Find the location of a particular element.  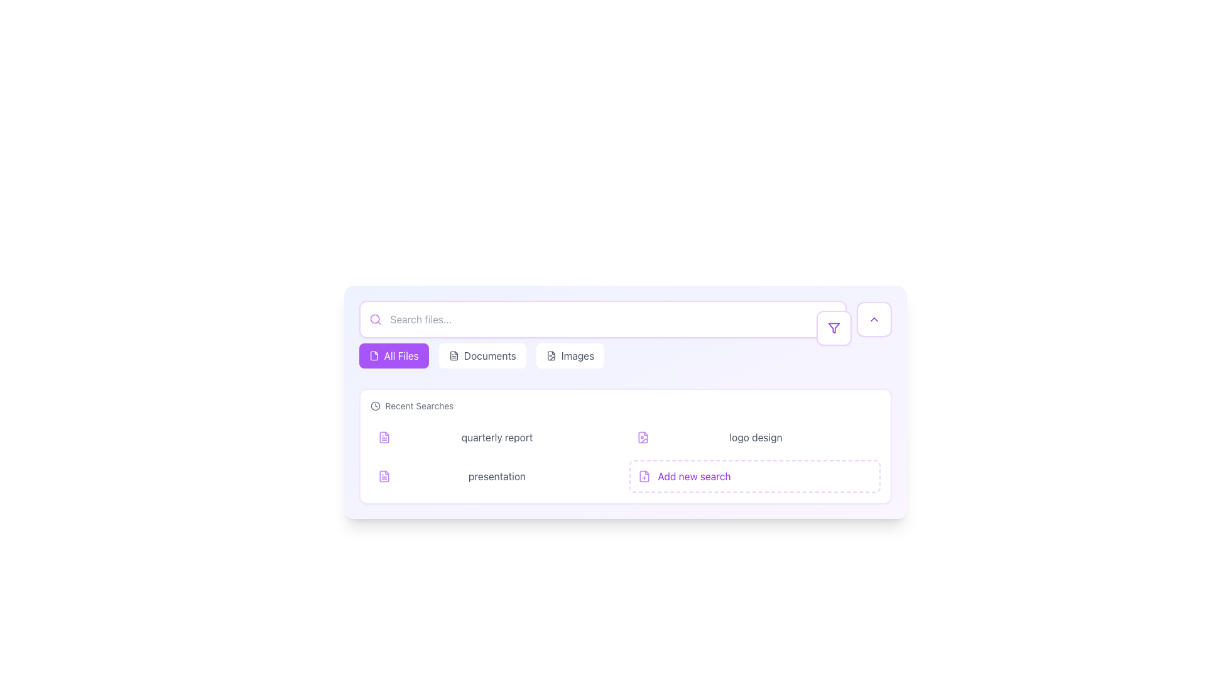

the triangular funnel icon located in the upper-right corner of the search bar is located at coordinates (834, 328).